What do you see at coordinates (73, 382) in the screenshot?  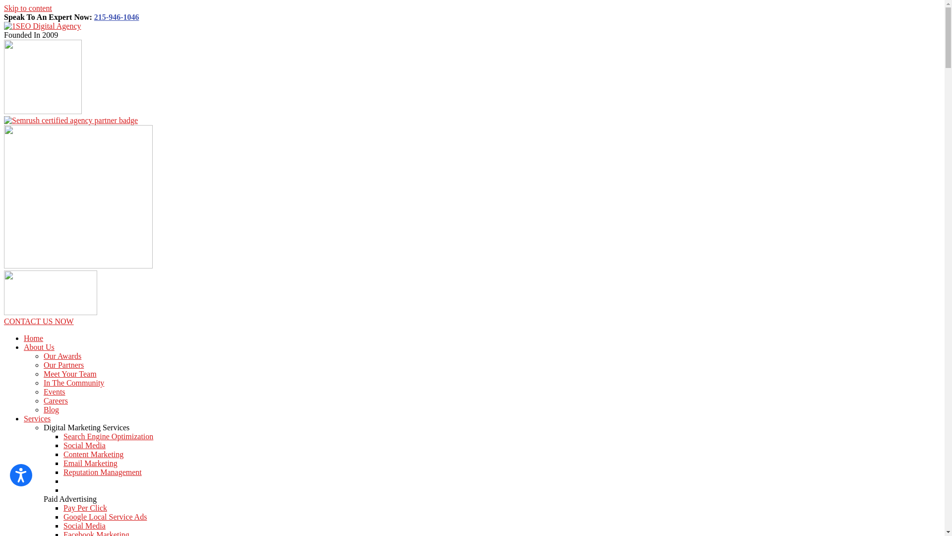 I see `'In The Community'` at bounding box center [73, 382].